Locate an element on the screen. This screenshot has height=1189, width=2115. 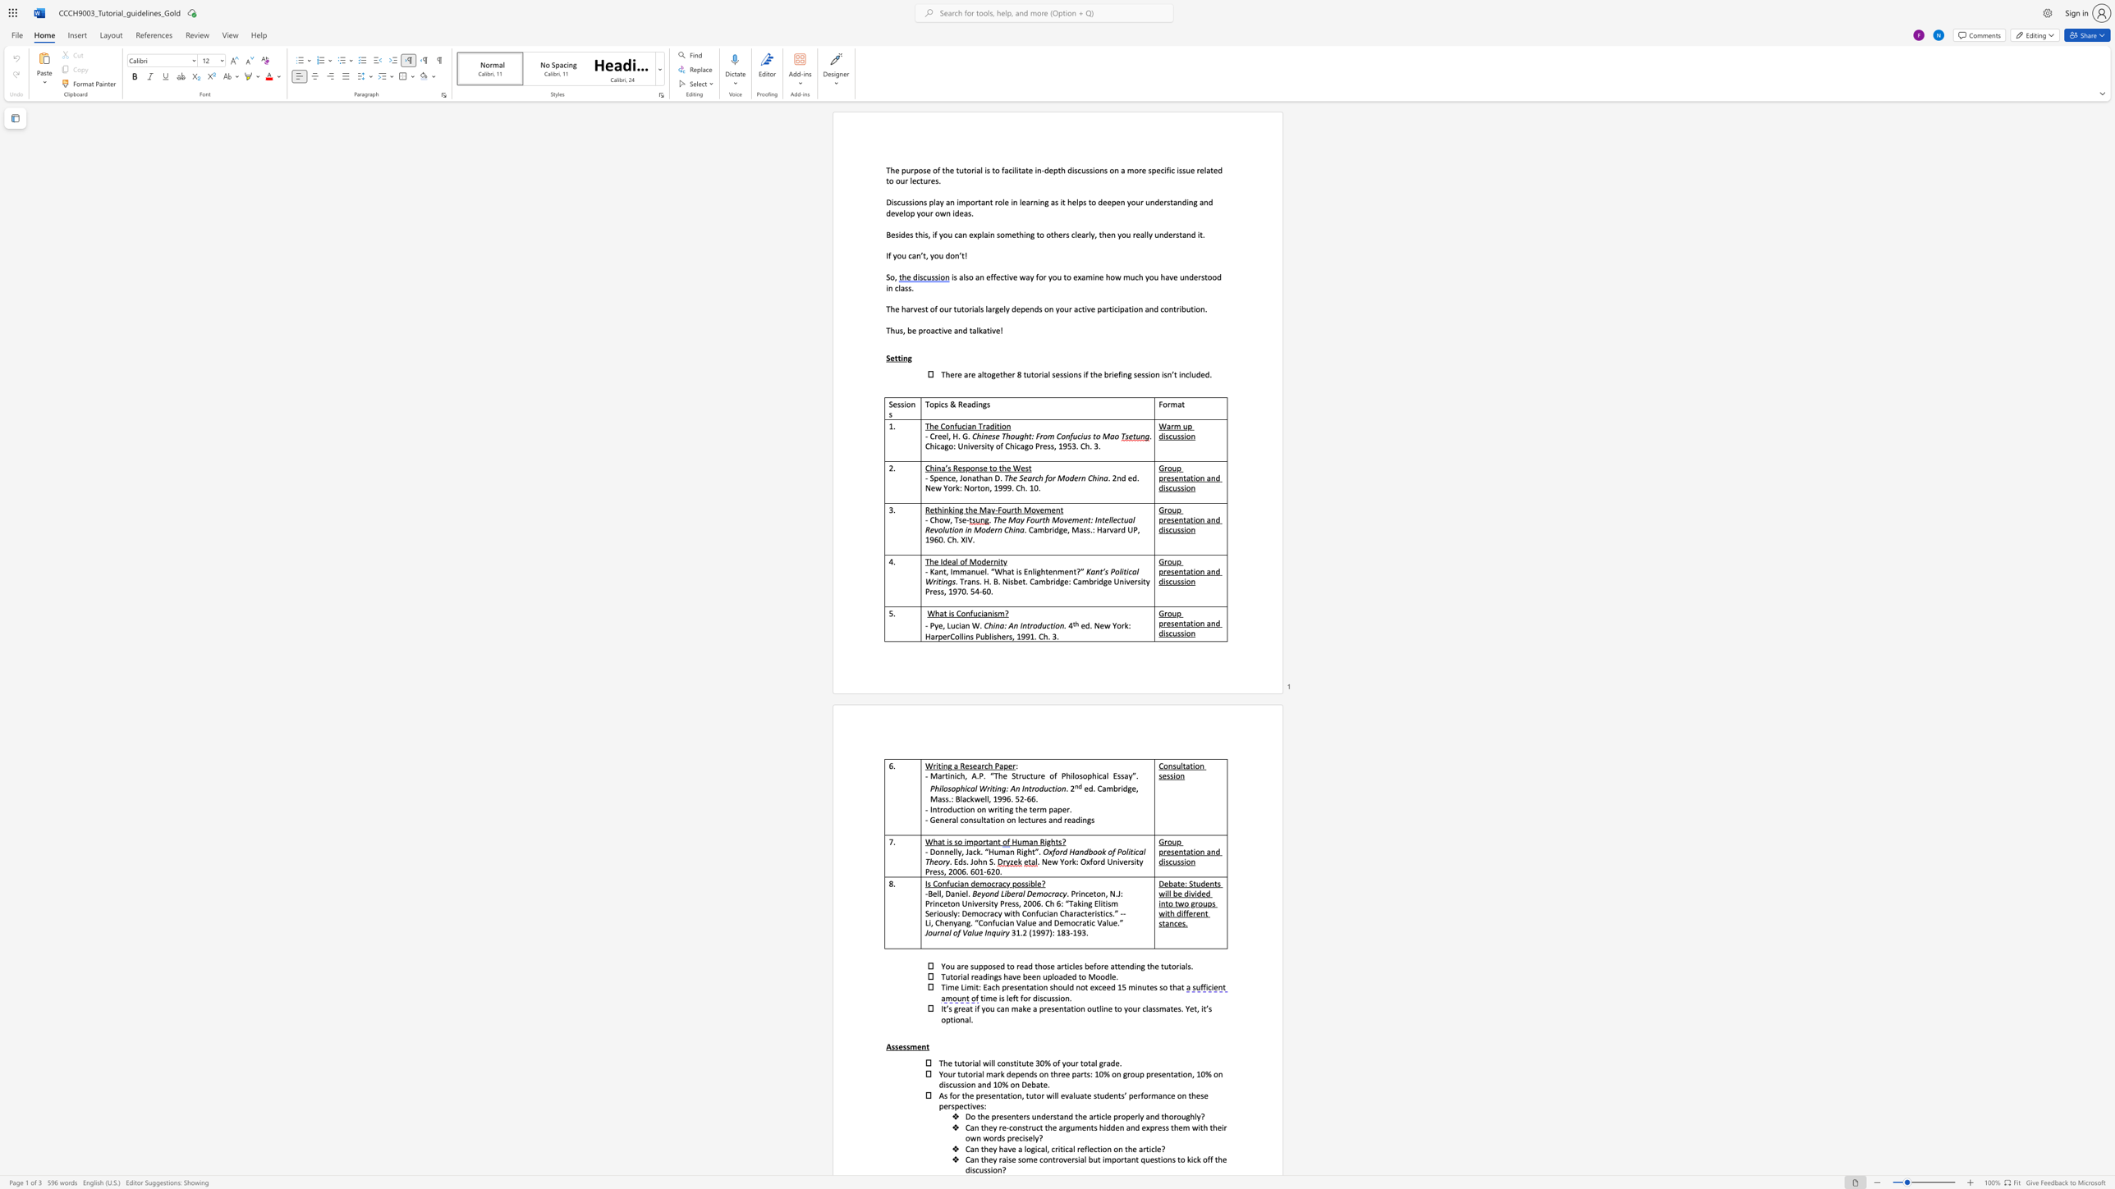
the subset text "- Pye, Lucia" within the text "- Pye, Lucian W." is located at coordinates (925, 626).